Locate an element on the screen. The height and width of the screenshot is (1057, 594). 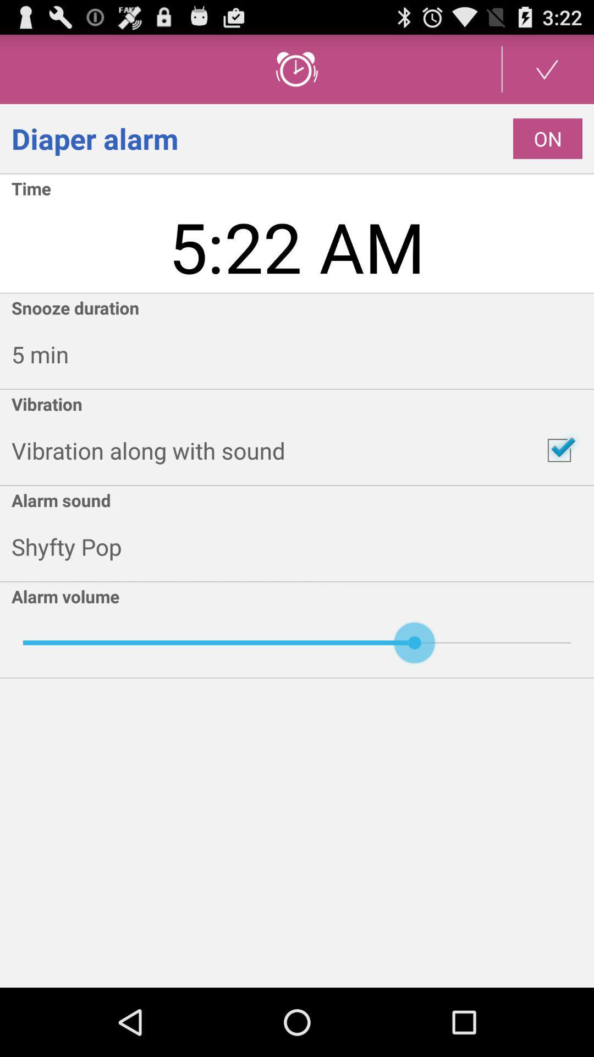
the on is located at coordinates (547, 138).